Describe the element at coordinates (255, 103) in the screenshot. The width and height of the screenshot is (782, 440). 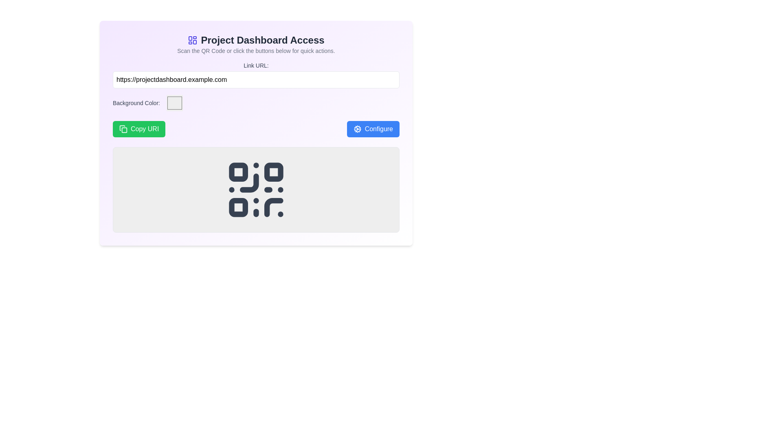
I see `the color picker input located in the middle section of the interface, under the 'Link URL:' input field` at that location.